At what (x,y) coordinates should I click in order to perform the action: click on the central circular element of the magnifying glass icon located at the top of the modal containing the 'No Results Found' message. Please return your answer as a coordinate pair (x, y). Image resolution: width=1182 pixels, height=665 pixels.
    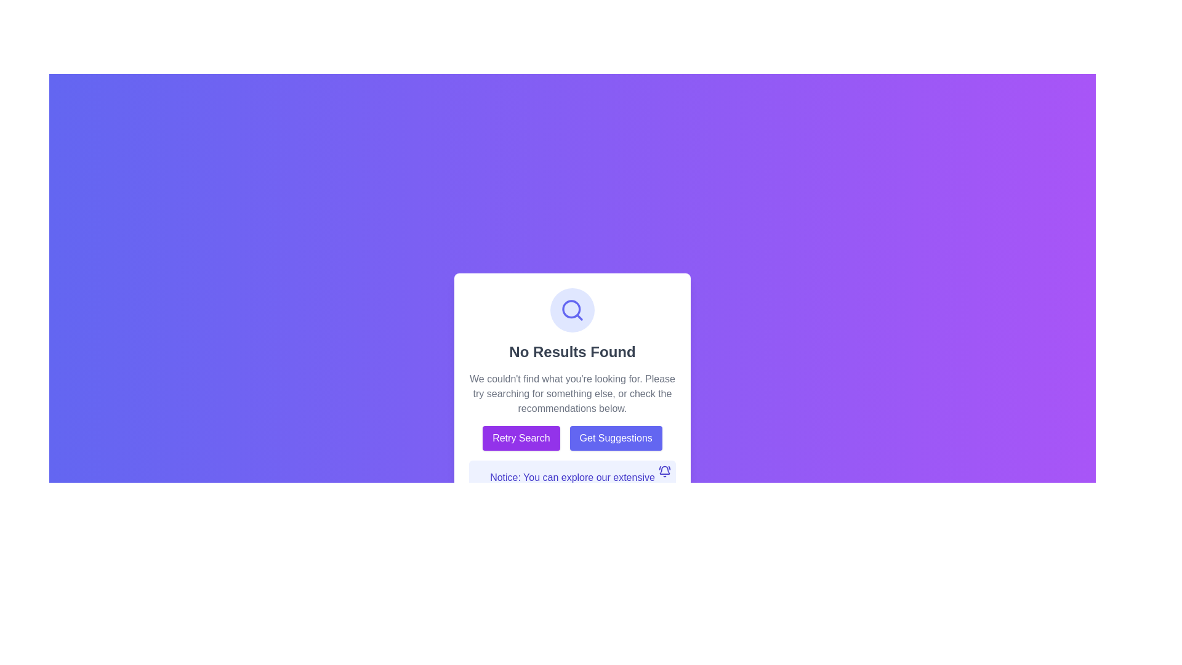
    Looking at the image, I should click on (571, 308).